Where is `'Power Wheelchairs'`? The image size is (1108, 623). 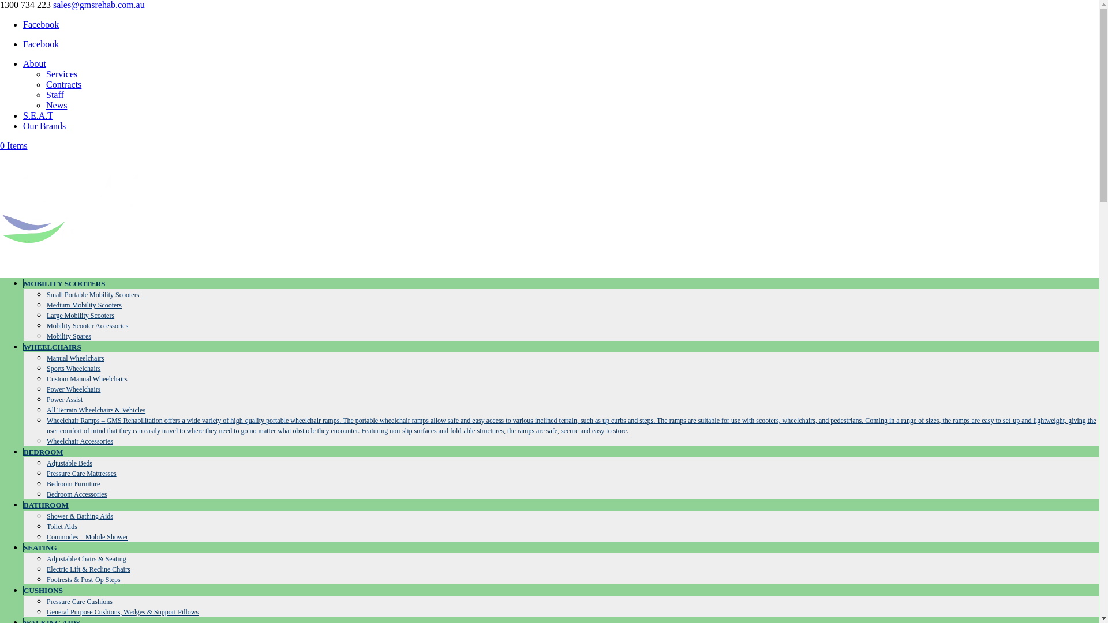 'Power Wheelchairs' is located at coordinates (46, 389).